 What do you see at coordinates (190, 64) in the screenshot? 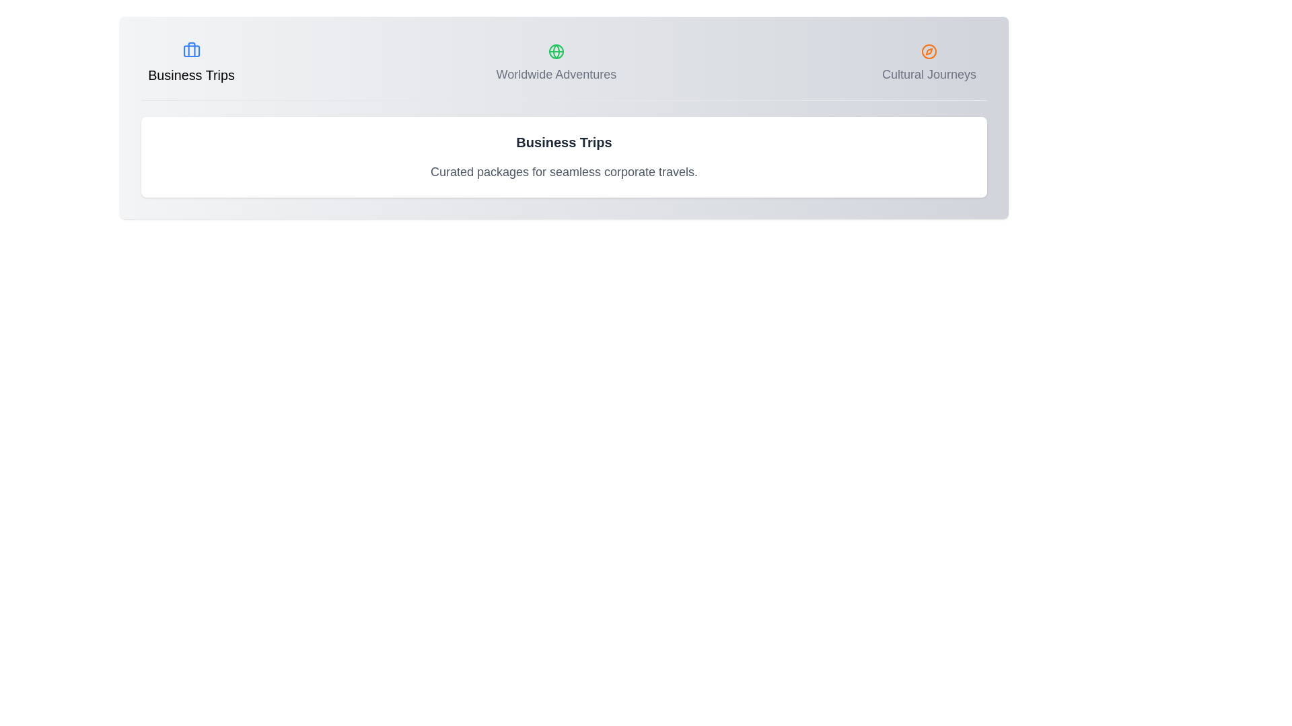
I see `the tab labeled 'Business Trips' to observe visual feedback` at bounding box center [190, 64].